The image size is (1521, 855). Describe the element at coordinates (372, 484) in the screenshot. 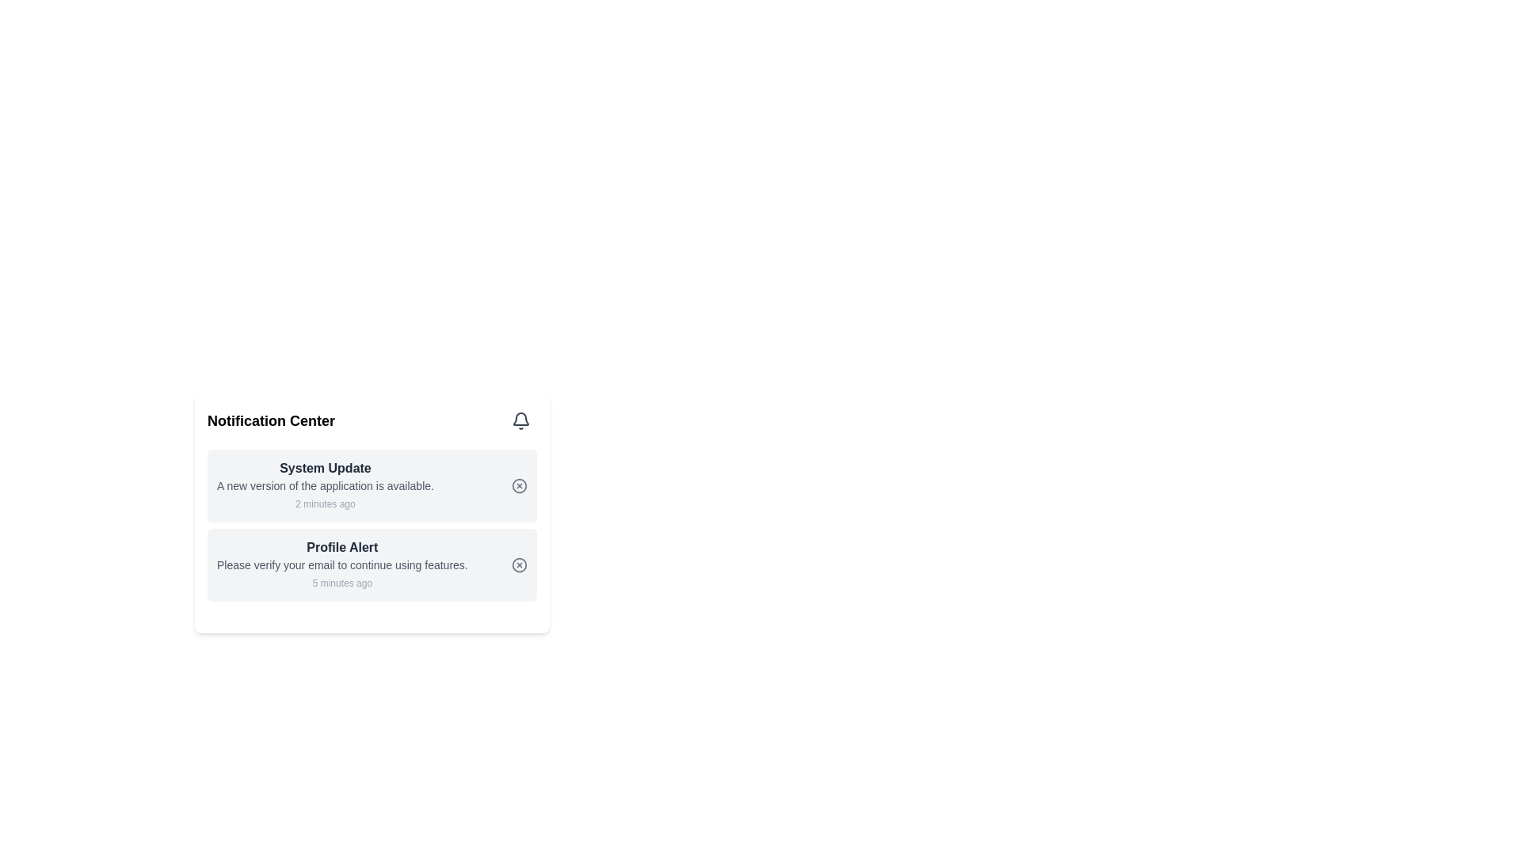

I see `the Notification Card displaying 'System Update' with a close button icon, which is the first card in the Notification Center` at that location.